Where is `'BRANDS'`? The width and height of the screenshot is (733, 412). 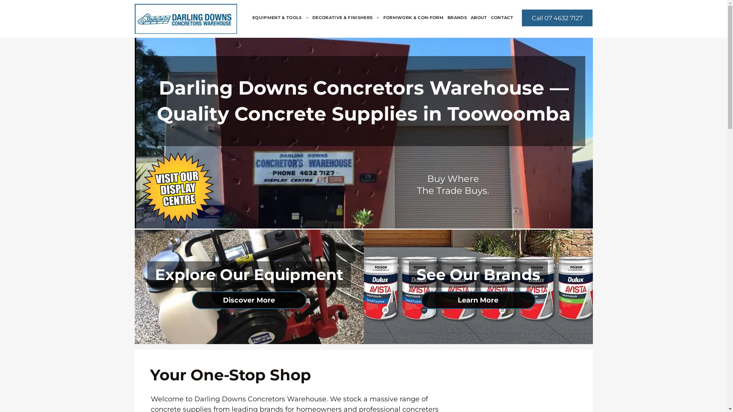 'BRANDS' is located at coordinates (457, 17).